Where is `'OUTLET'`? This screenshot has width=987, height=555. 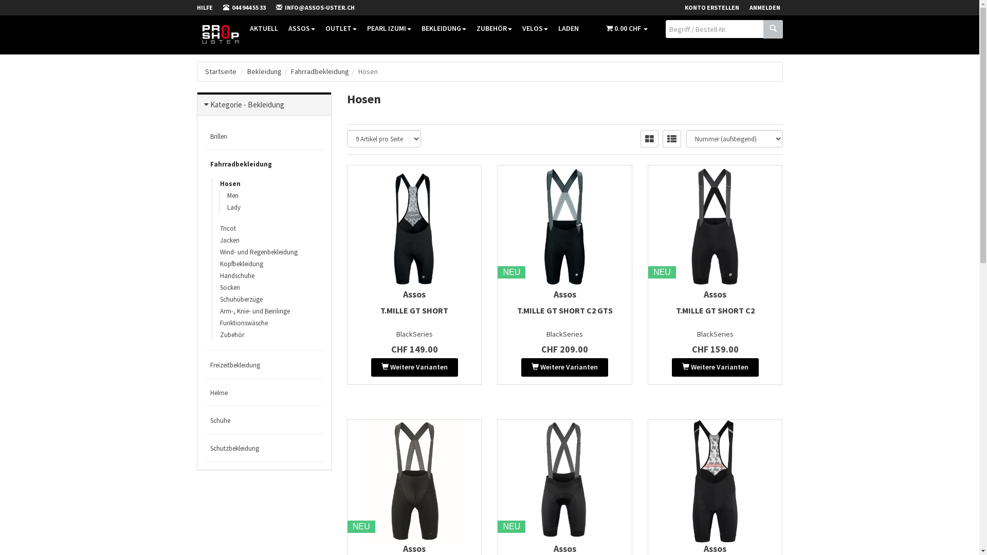 'OUTLET' is located at coordinates (340, 27).